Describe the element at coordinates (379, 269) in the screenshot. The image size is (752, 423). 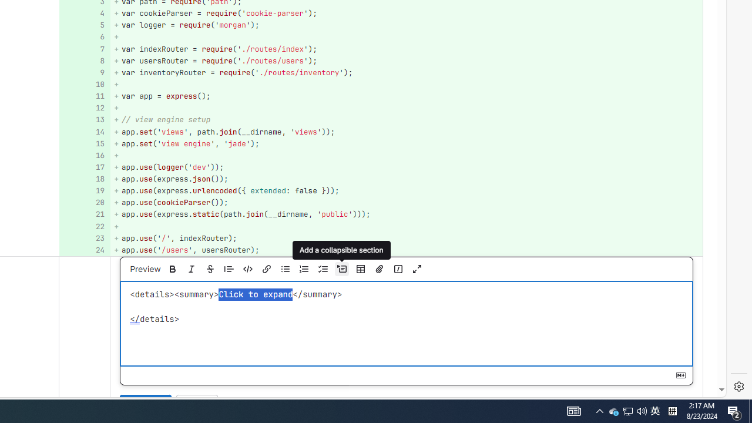
I see `'Attach a file or image'` at that location.